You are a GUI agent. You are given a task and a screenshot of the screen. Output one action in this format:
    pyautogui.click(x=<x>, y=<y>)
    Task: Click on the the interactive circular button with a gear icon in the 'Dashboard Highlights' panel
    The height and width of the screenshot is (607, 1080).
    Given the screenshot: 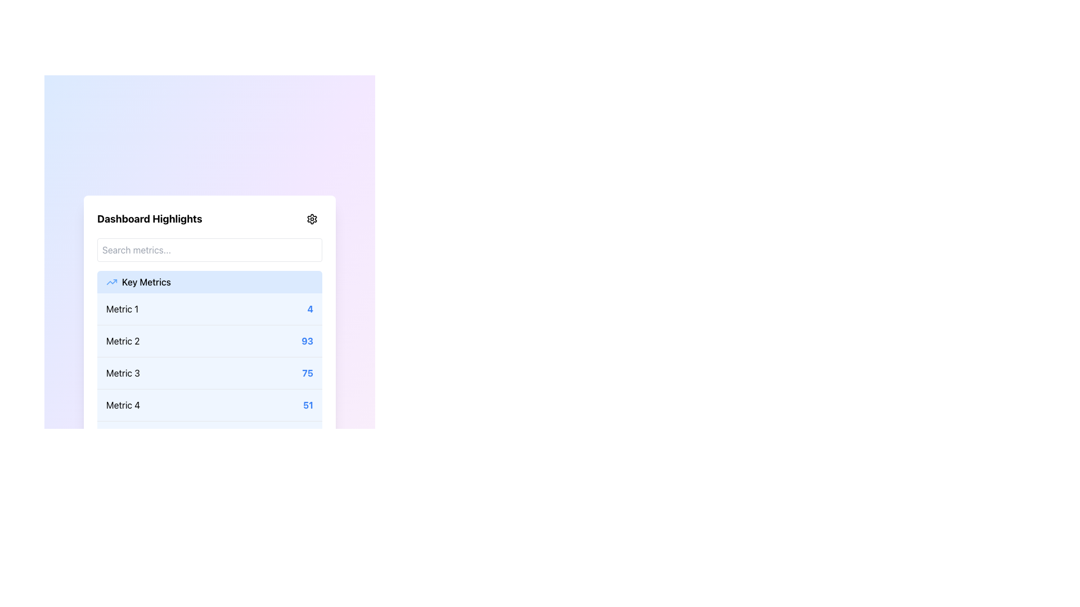 What is the action you would take?
    pyautogui.click(x=312, y=219)
    